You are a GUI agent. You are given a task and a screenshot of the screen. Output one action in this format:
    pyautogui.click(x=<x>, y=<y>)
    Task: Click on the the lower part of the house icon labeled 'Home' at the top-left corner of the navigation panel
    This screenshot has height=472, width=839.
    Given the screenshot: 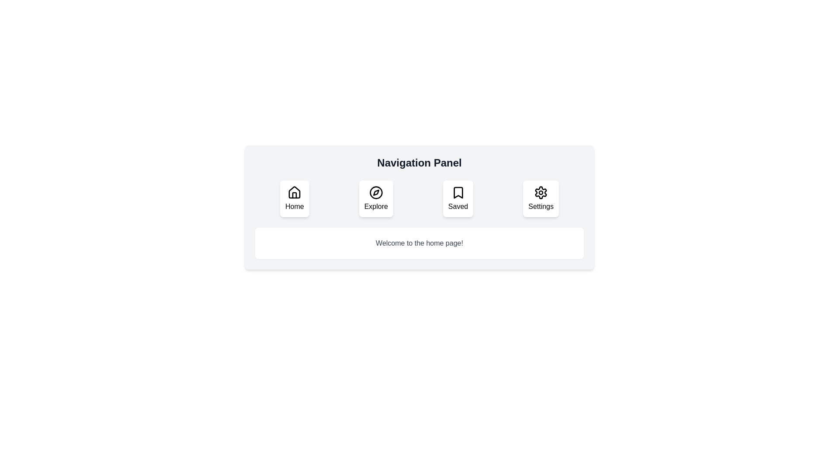 What is the action you would take?
    pyautogui.click(x=295, y=195)
    